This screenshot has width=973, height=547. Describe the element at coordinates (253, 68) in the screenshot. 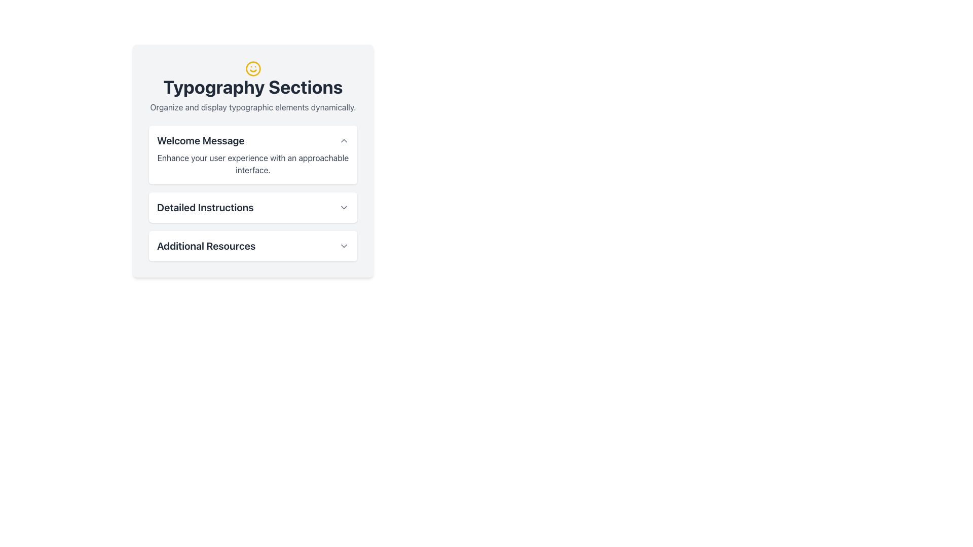

I see `the visual embellishment icon that is centered above the 'Typography Sections' heading, serving a friendly aesthetic function` at that location.